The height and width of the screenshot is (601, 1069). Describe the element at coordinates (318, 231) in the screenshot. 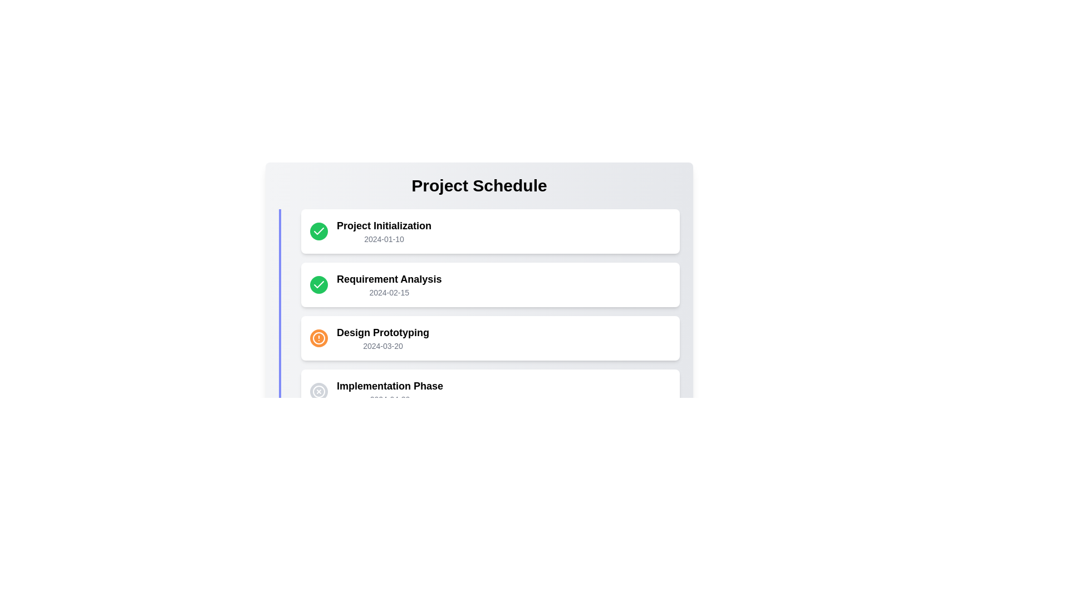

I see `the status marker icon indicating completion for the 'Project Initialization' task dated '2024-01-10'` at that location.